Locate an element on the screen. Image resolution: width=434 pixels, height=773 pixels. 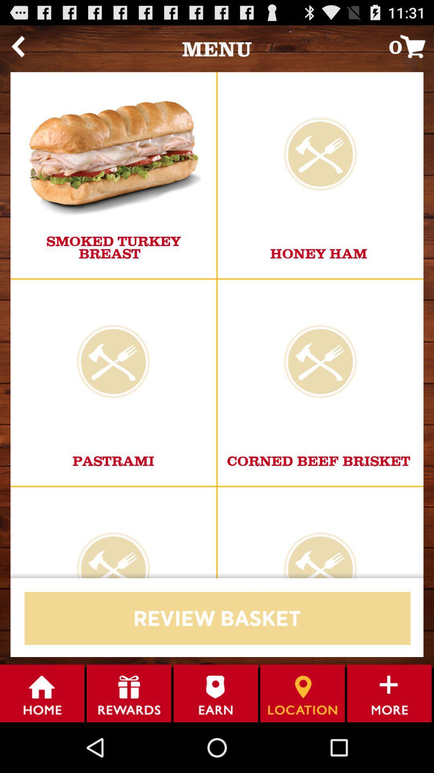
the item to the left of menu is located at coordinates (18, 46).